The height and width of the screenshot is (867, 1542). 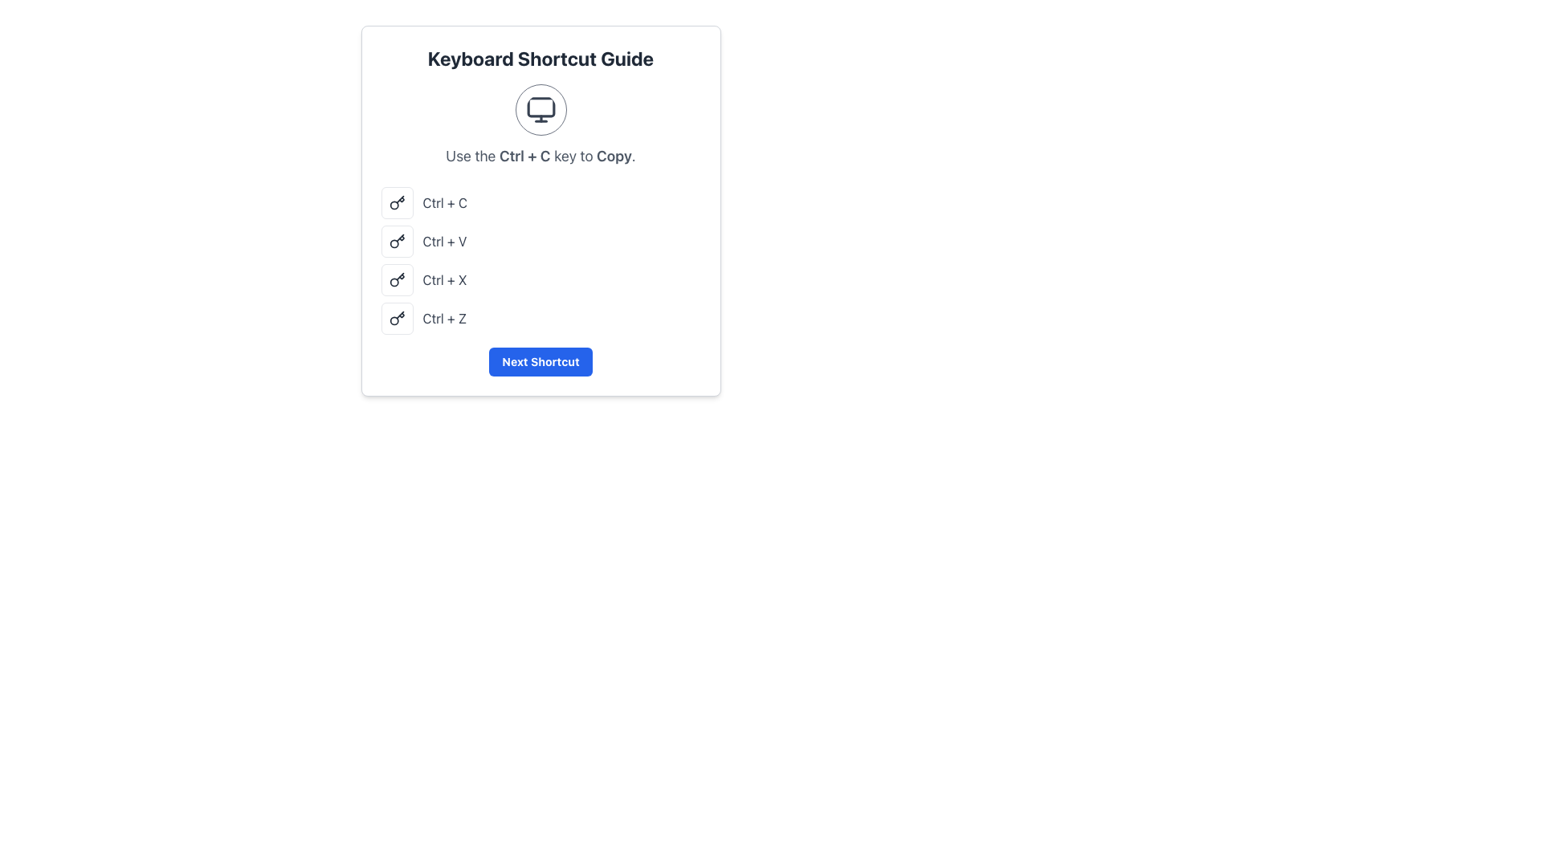 I want to click on the Ctrl + C icon located at the far left of the keyboard shortcuts list in the modal overlay, so click(x=397, y=202).